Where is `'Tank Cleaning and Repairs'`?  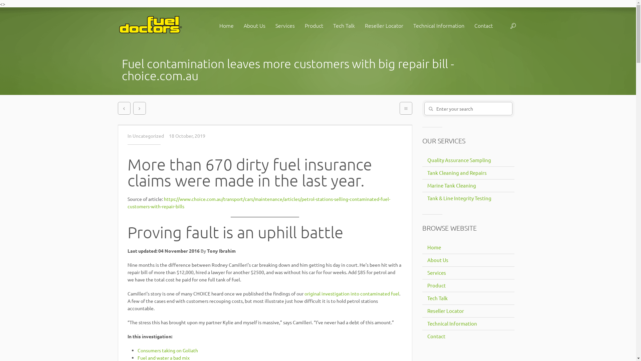
'Tank Cleaning and Repairs' is located at coordinates (421, 172).